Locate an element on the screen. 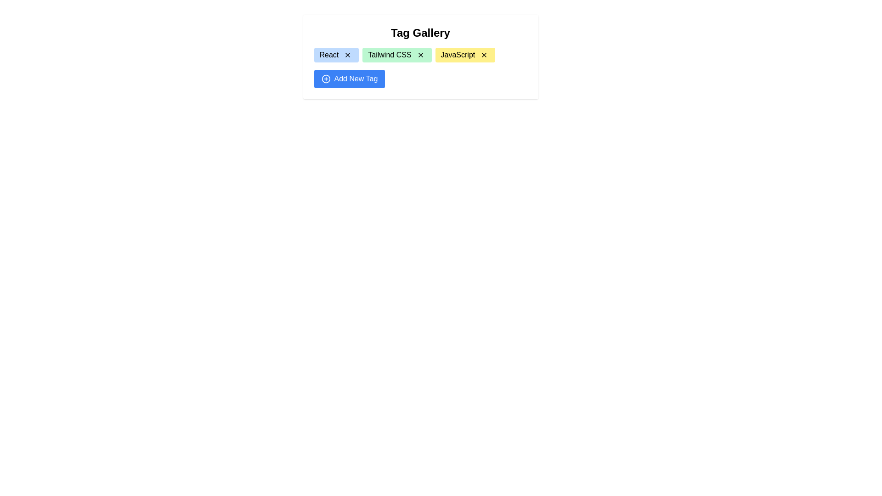 The image size is (882, 496). the 'React' tag badge with a light blue background is located at coordinates (336, 55).